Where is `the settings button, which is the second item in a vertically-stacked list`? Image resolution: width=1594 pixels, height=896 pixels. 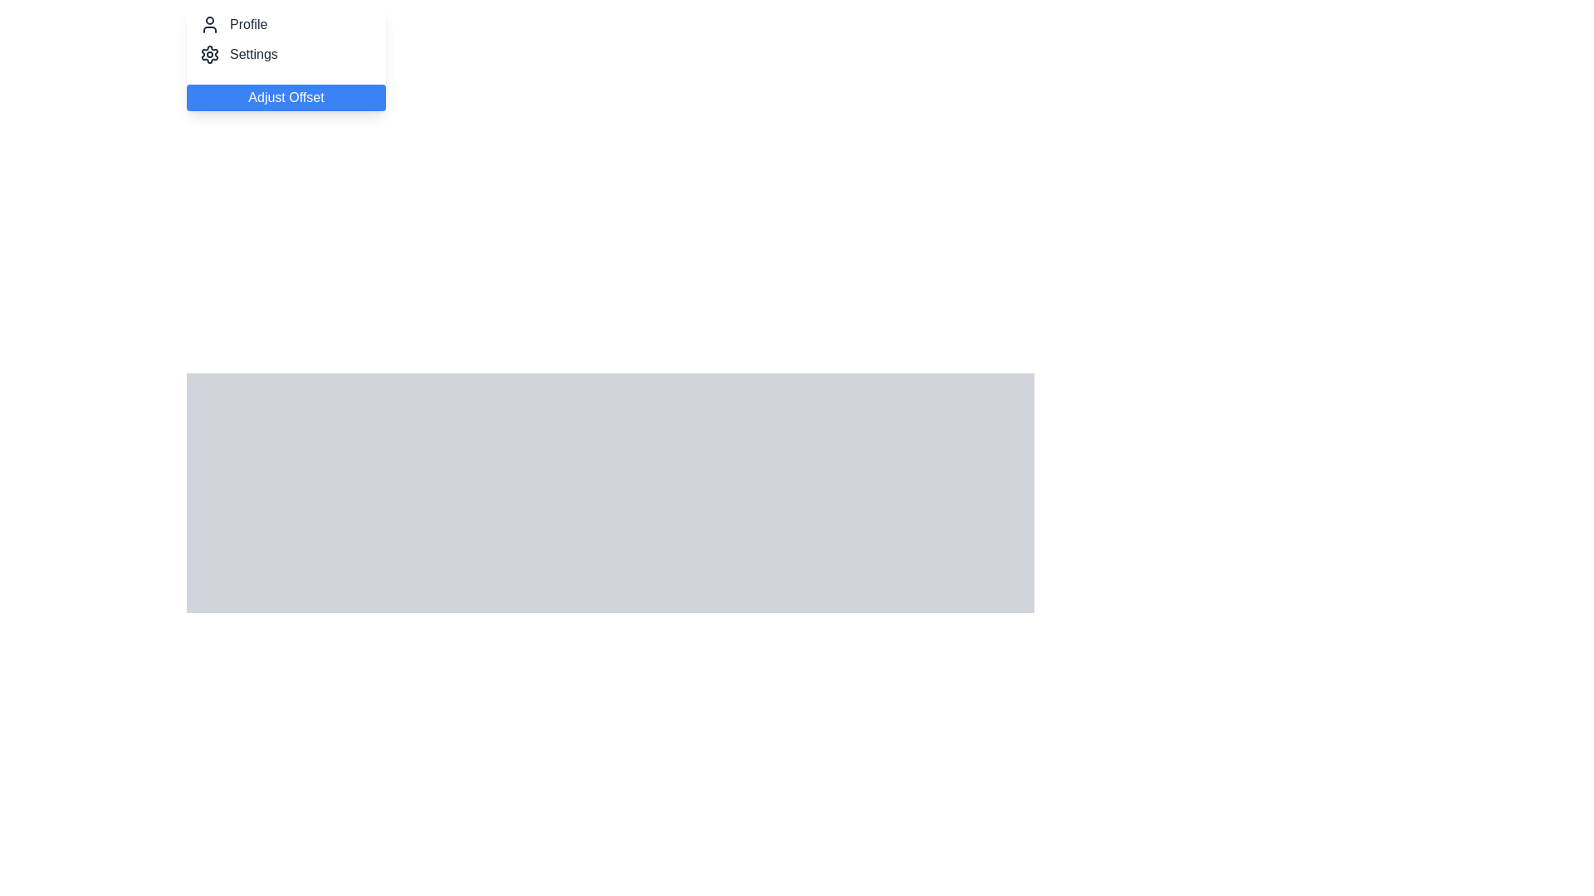 the settings button, which is the second item in a vertically-stacked list is located at coordinates (286, 53).